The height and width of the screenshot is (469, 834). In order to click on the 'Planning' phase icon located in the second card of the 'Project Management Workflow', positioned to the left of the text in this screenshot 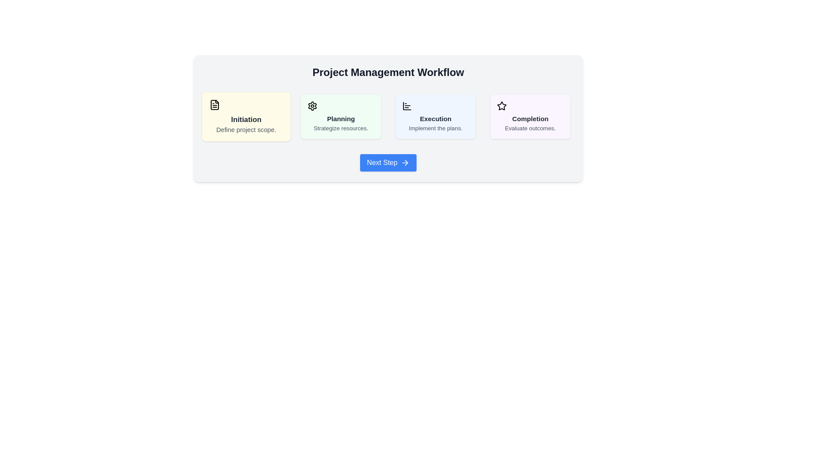, I will do `click(312, 106)`.